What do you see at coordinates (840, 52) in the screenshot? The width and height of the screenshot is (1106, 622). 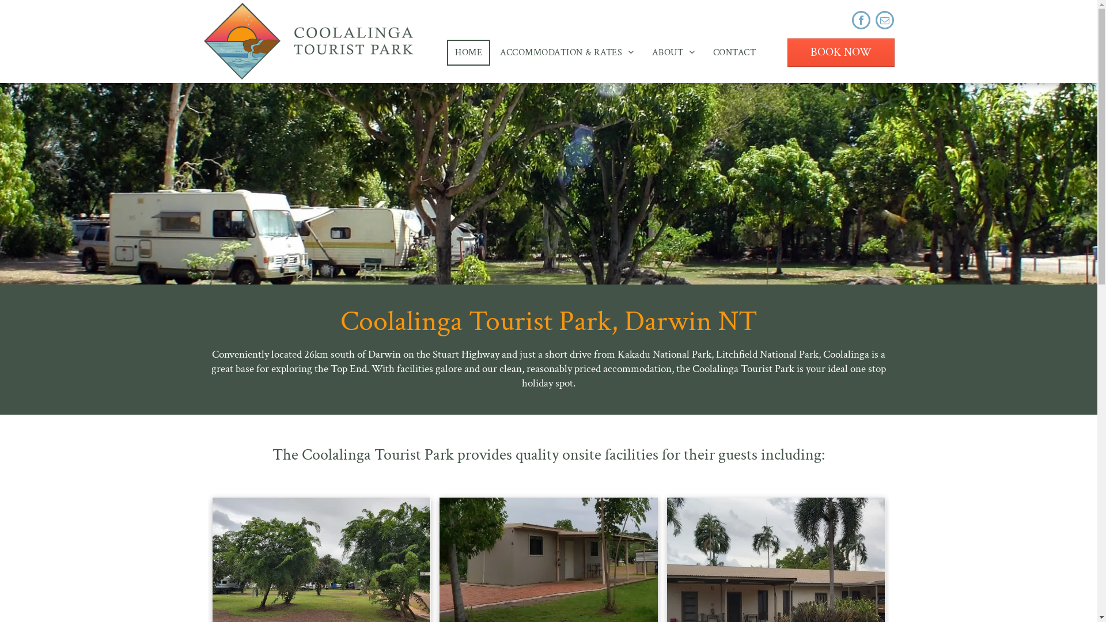 I see `'BOOK NOW'` at bounding box center [840, 52].